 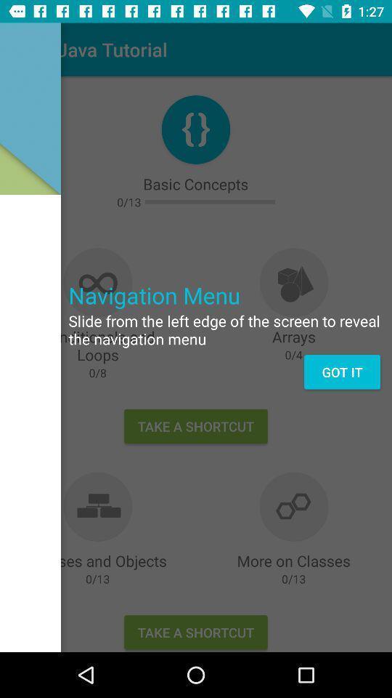 What do you see at coordinates (342, 371) in the screenshot?
I see `the icon on the right` at bounding box center [342, 371].